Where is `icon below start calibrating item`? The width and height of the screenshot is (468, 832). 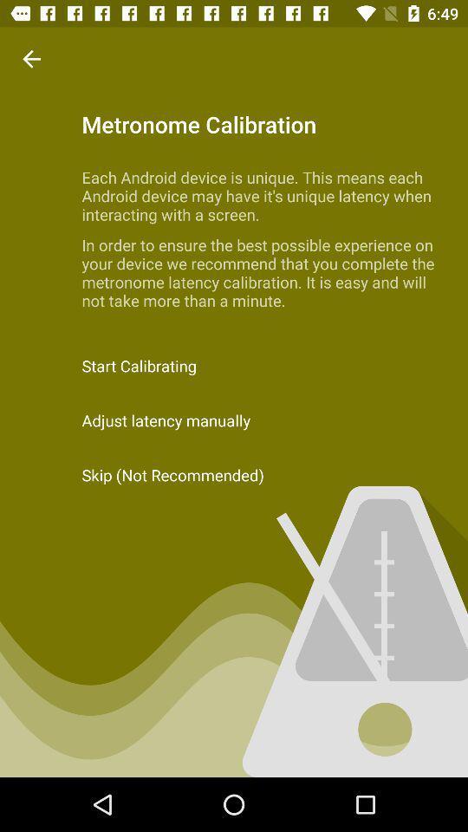 icon below start calibrating item is located at coordinates (234, 419).